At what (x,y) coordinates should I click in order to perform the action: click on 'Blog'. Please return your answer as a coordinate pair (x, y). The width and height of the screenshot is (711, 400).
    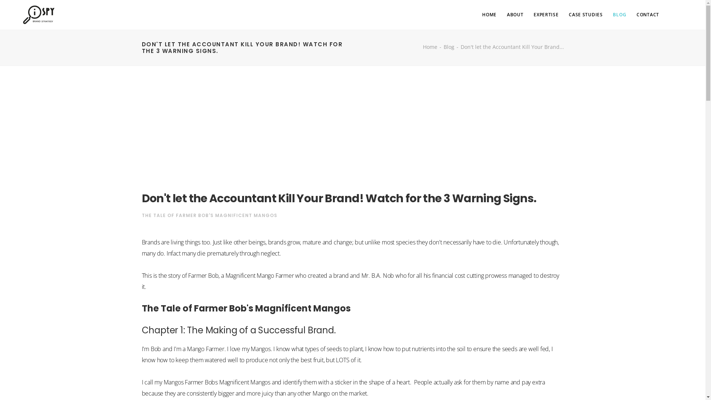
    Looking at the image, I should click on (444, 47).